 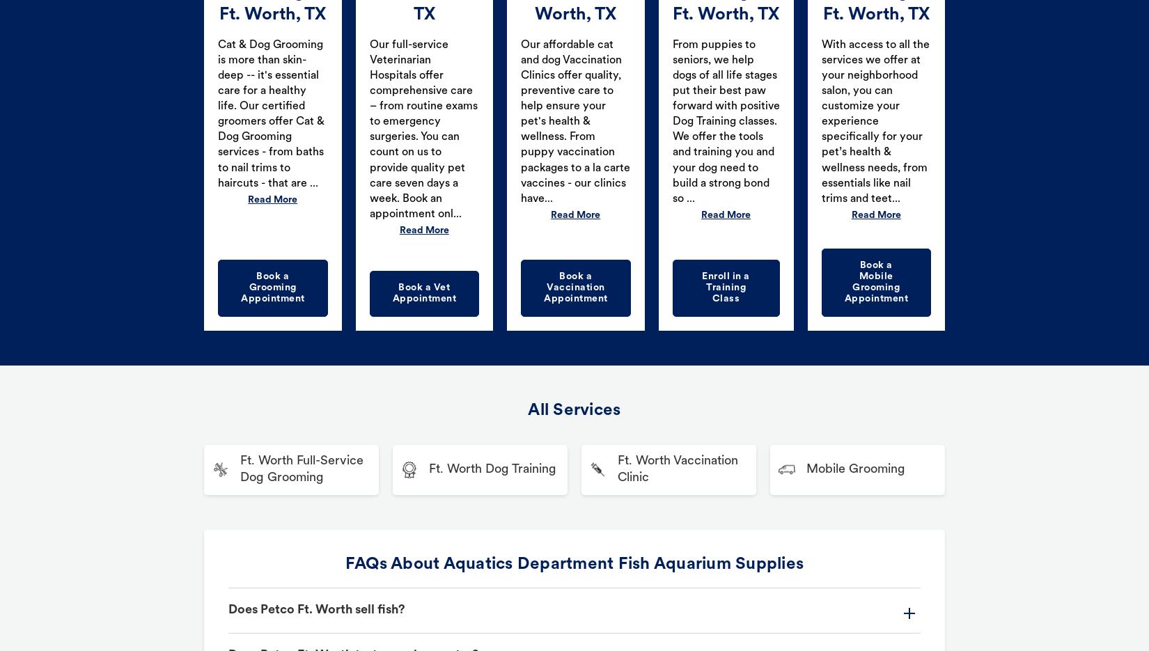 What do you see at coordinates (527, 409) in the screenshot?
I see `'All Services'` at bounding box center [527, 409].